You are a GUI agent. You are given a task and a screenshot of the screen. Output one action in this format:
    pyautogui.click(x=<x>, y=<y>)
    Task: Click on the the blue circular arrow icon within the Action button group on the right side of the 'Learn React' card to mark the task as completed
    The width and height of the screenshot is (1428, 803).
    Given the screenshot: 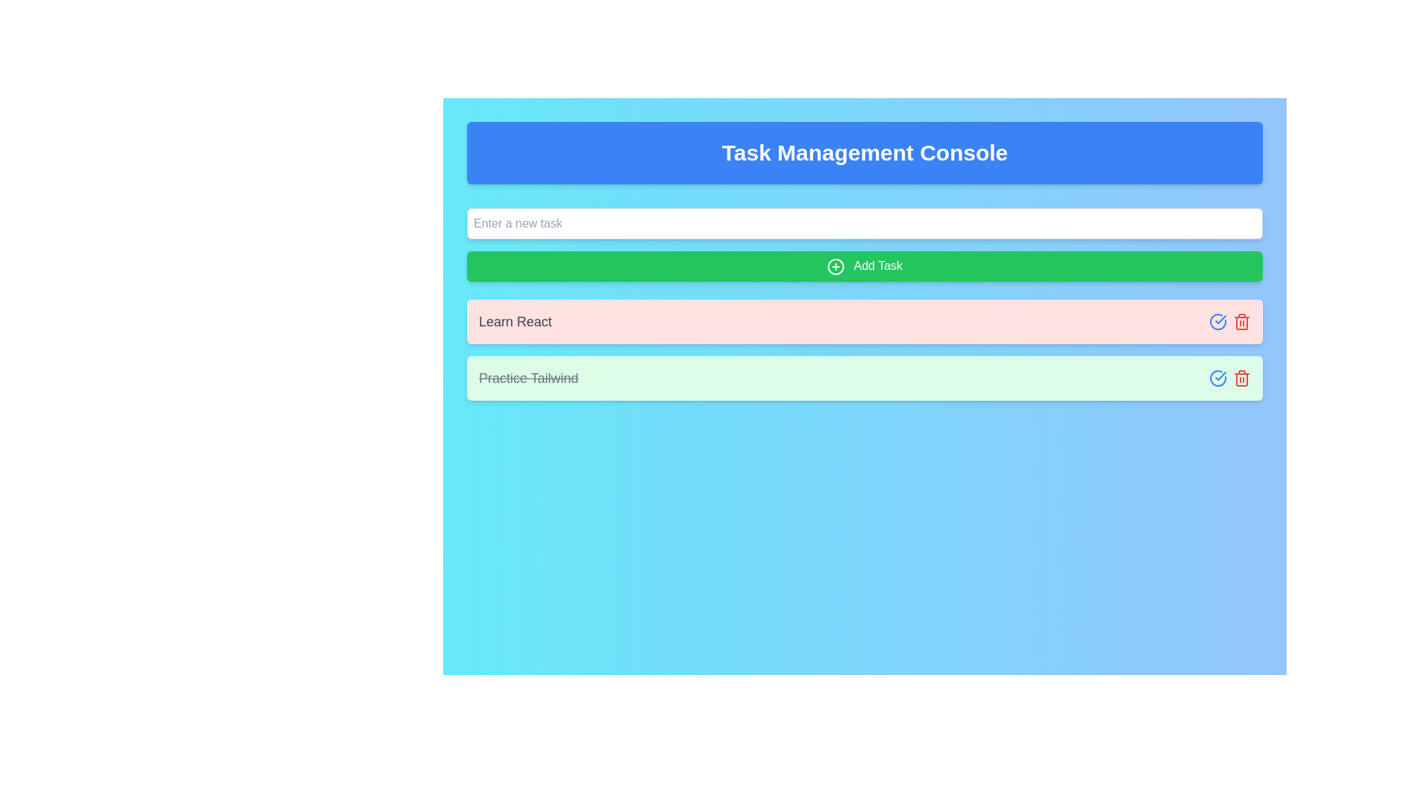 What is the action you would take?
    pyautogui.click(x=1230, y=320)
    